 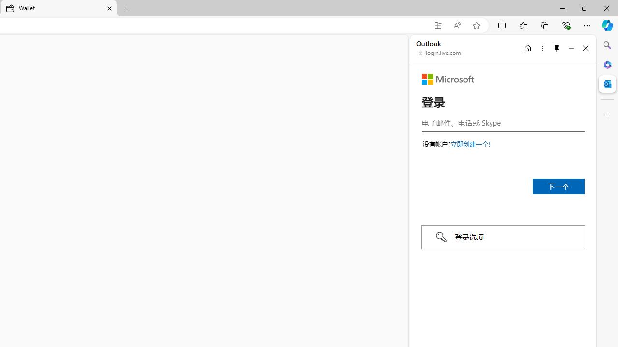 What do you see at coordinates (437, 25) in the screenshot?
I see `'App available. Install Microsoft Wallet'` at bounding box center [437, 25].